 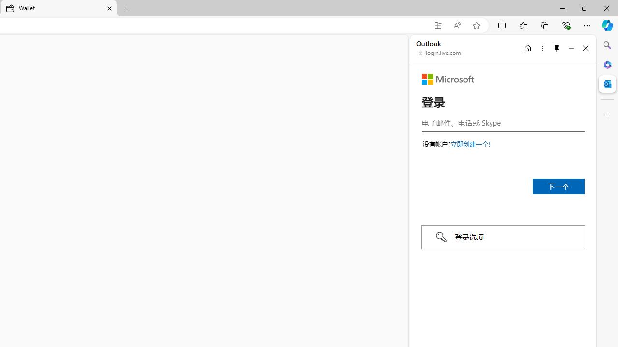 What do you see at coordinates (437, 25) in the screenshot?
I see `'App available. Install Microsoft Wallet'` at bounding box center [437, 25].